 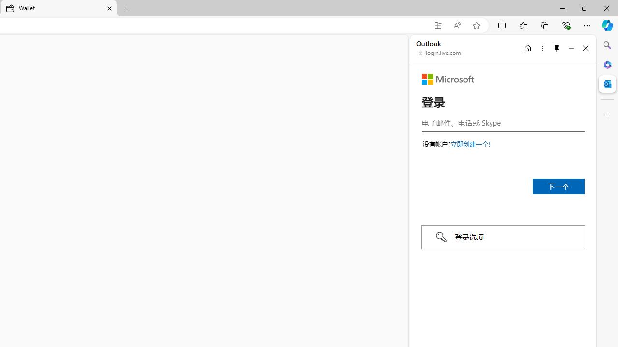 What do you see at coordinates (437, 25) in the screenshot?
I see `'App available. Install Microsoft Wallet'` at bounding box center [437, 25].